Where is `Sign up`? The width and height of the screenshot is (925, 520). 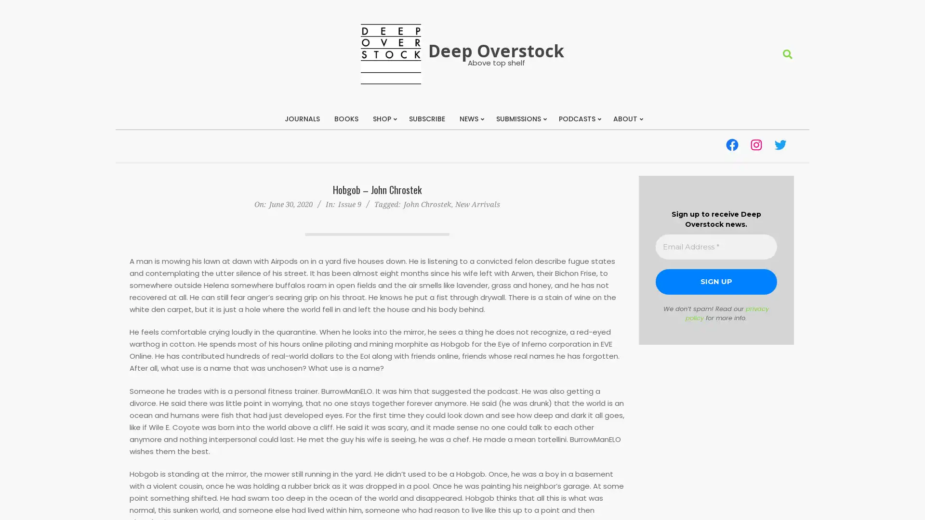 Sign up is located at coordinates (716, 282).